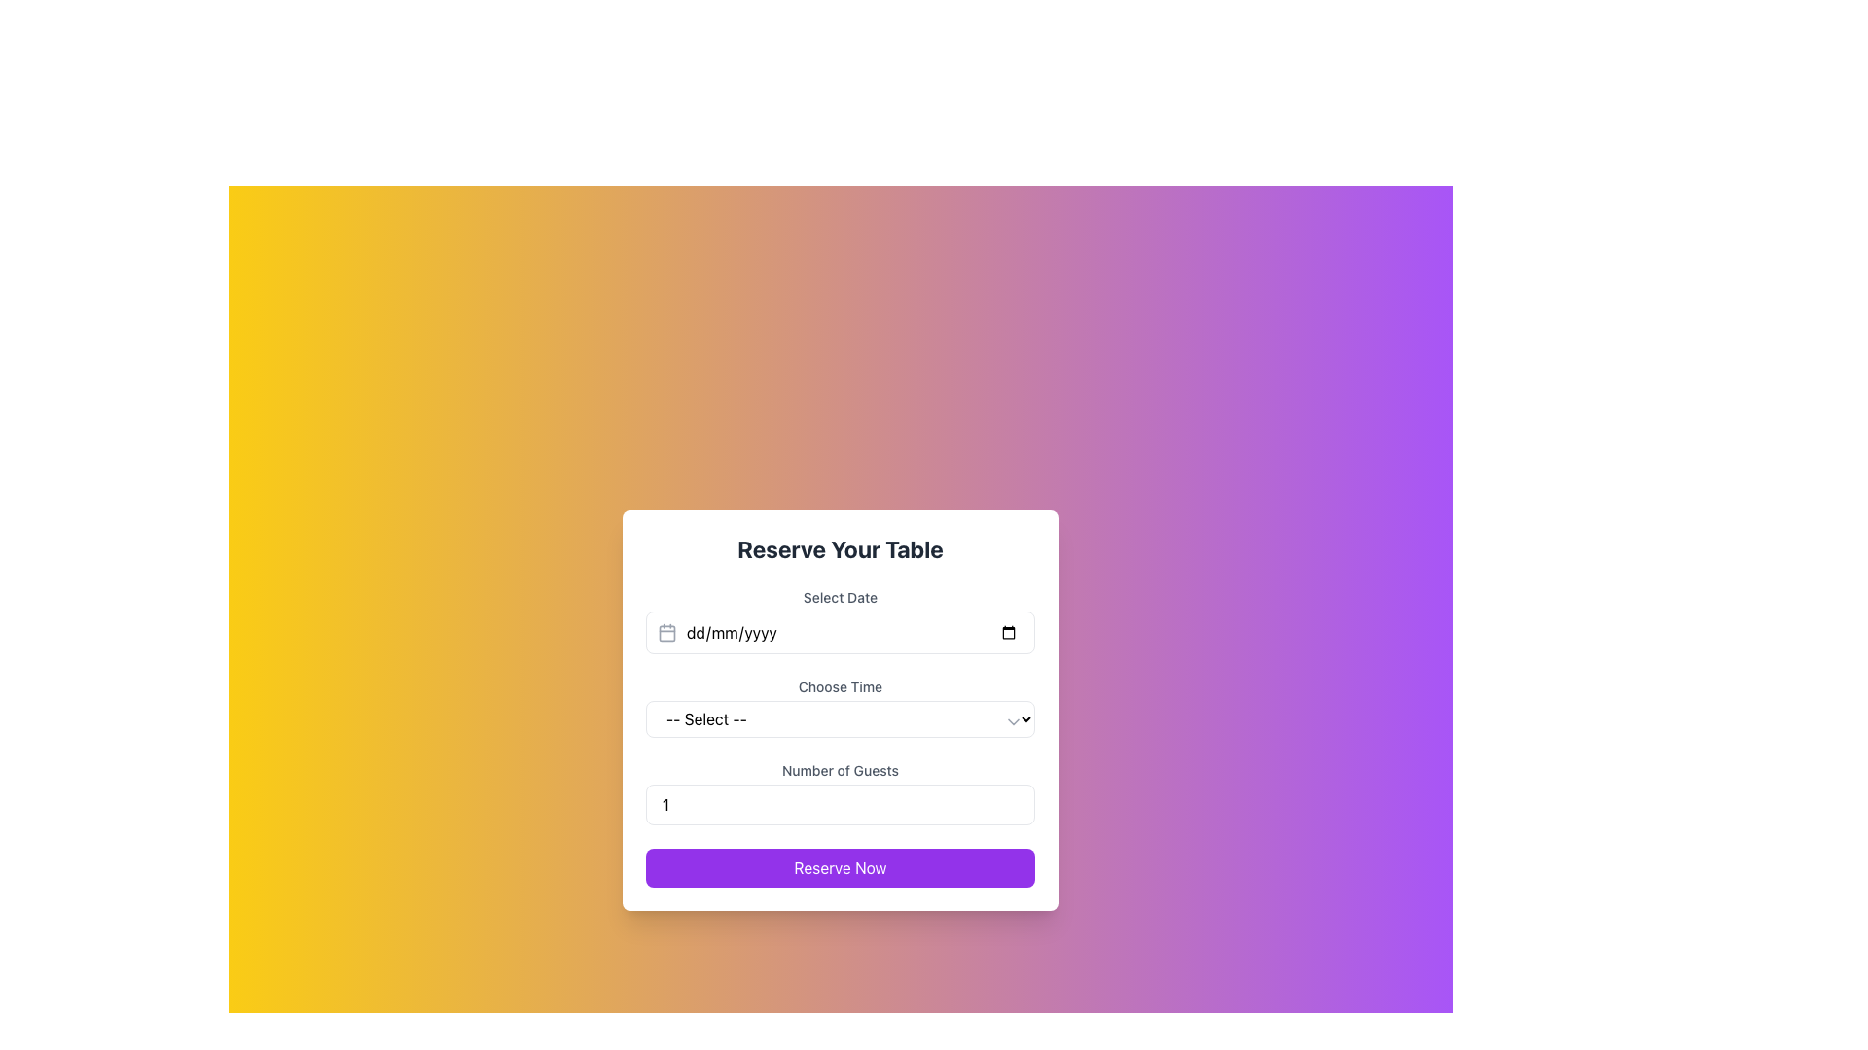 The image size is (1868, 1050). What do you see at coordinates (841, 770) in the screenshot?
I see `the 'Number of Guests' text label, which is styled in a small, medium-weight, sans-serif font in a grayish tone, positioned above the numeric input field for specifying the number of guests` at bounding box center [841, 770].